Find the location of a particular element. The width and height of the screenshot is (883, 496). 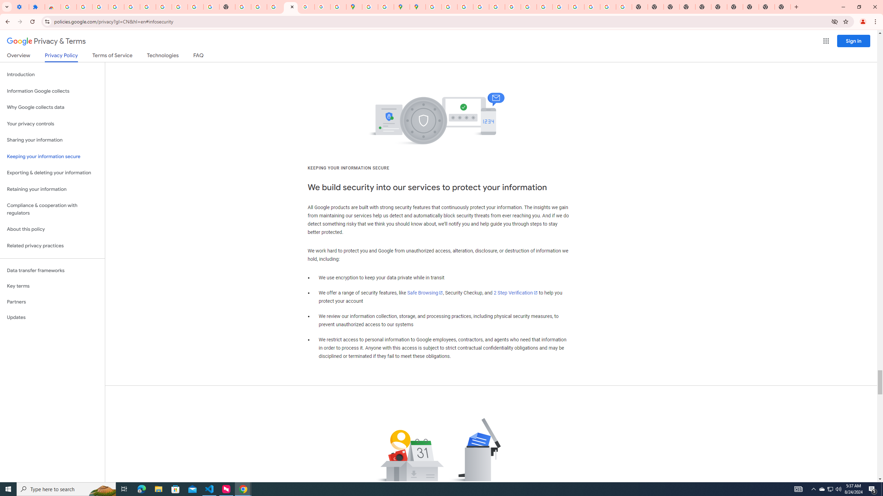

'Google Images' is located at coordinates (623, 7).